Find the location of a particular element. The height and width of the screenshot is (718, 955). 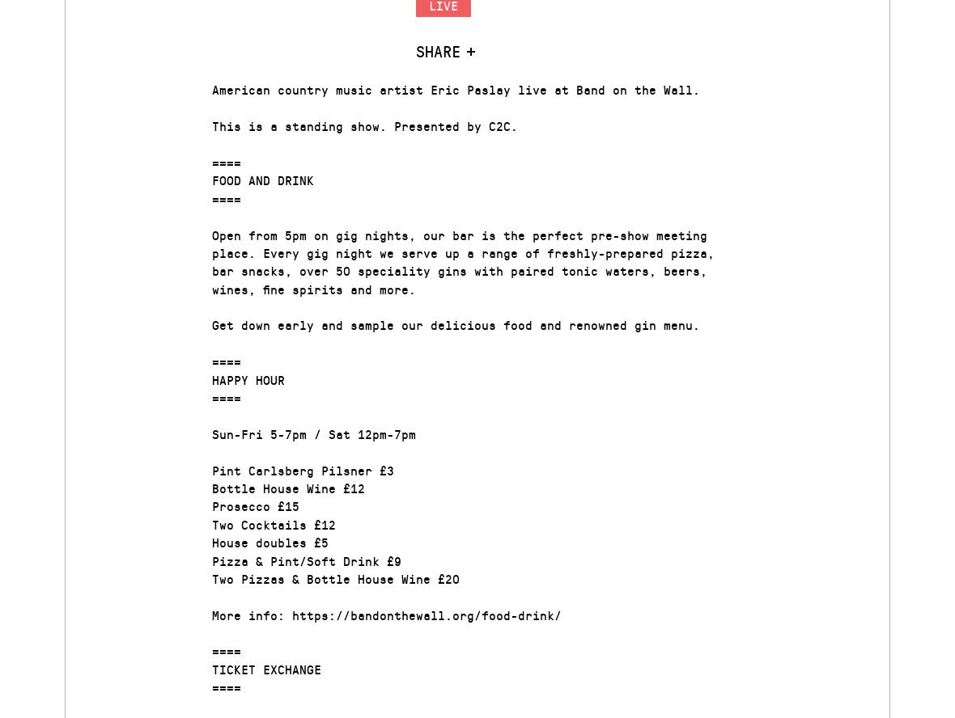

'FOOD AND DRINK' is located at coordinates (261, 179).